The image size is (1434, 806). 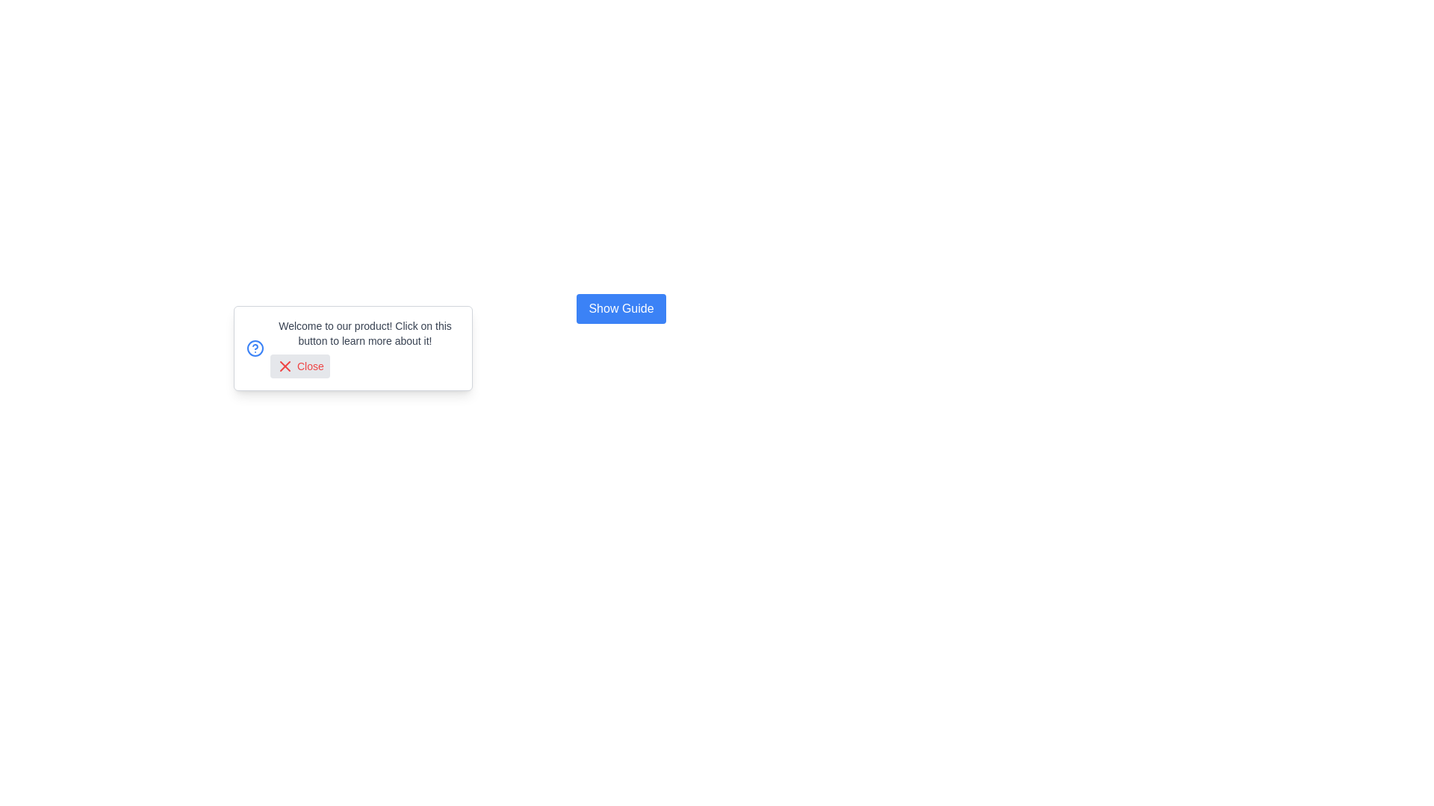 I want to click on the 'Close' button with a red 'X' icon to observe its style change, which includes a background color change to red and text color change to white, so click(x=299, y=366).